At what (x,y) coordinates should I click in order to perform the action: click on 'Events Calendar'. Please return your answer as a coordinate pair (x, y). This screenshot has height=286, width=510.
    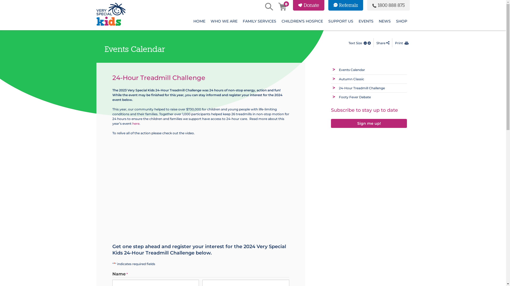
    Looking at the image, I should click on (352, 69).